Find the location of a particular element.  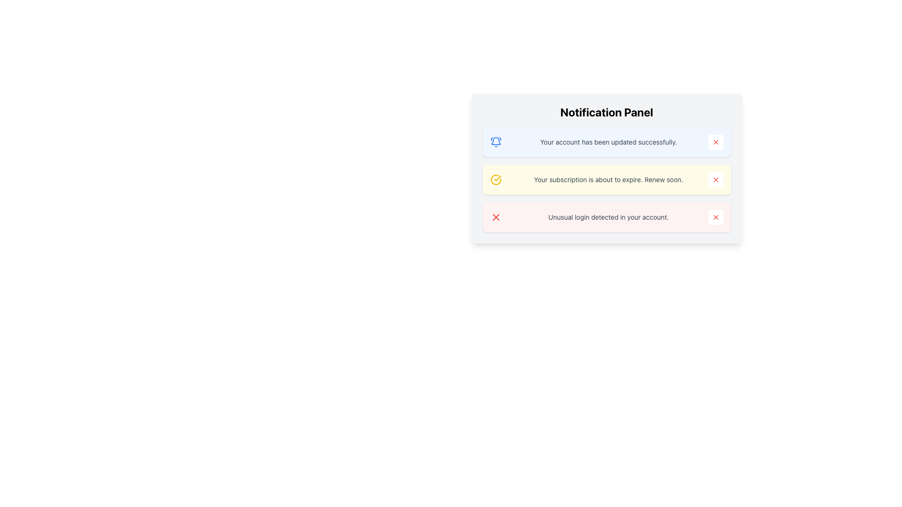

the notification card with a red background that reads 'Unusual login detected in your account.' is located at coordinates (607, 217).